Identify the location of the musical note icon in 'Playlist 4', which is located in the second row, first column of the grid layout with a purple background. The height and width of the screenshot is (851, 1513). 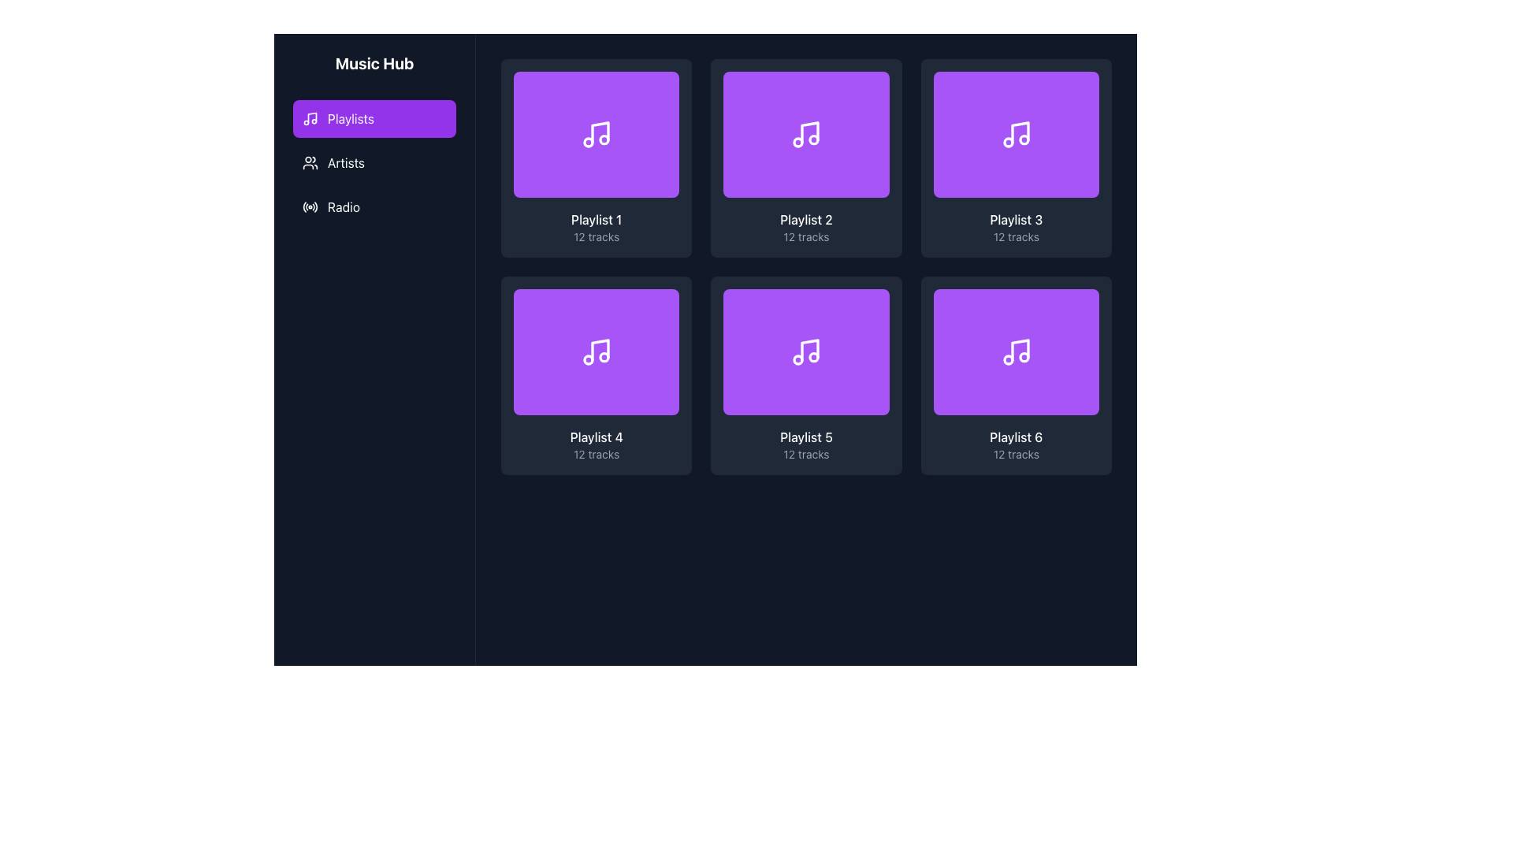
(600, 349).